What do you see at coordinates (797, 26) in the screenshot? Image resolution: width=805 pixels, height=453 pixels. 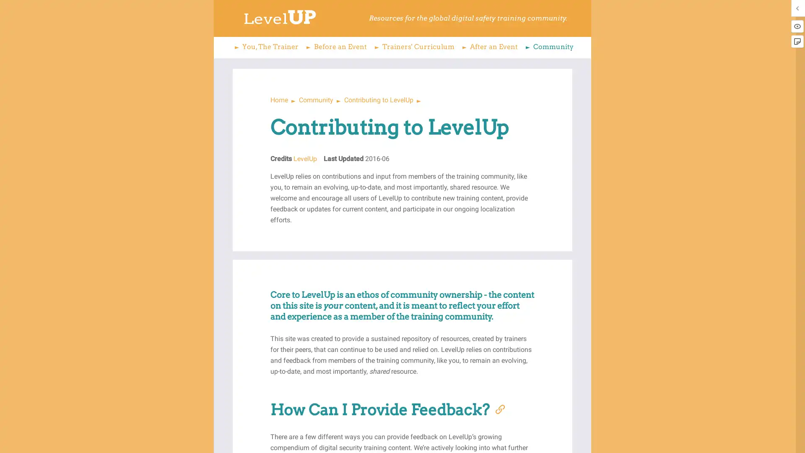 I see `Show highlights` at bounding box center [797, 26].